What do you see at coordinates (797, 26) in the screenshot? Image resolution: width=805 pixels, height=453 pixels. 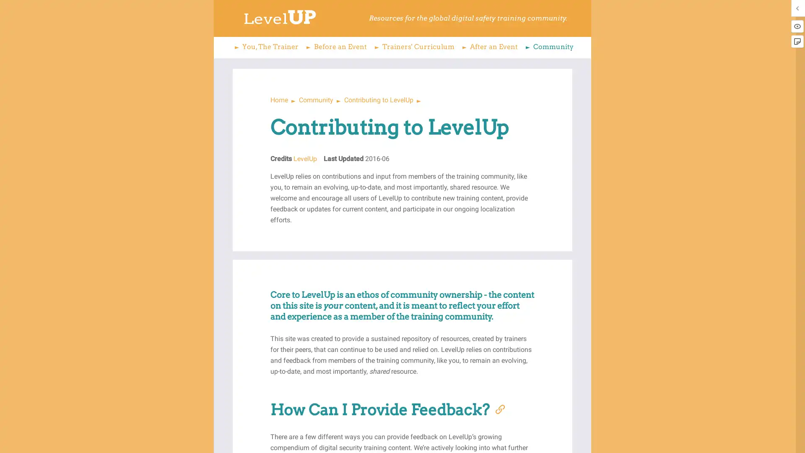 I see `Show highlights` at bounding box center [797, 26].